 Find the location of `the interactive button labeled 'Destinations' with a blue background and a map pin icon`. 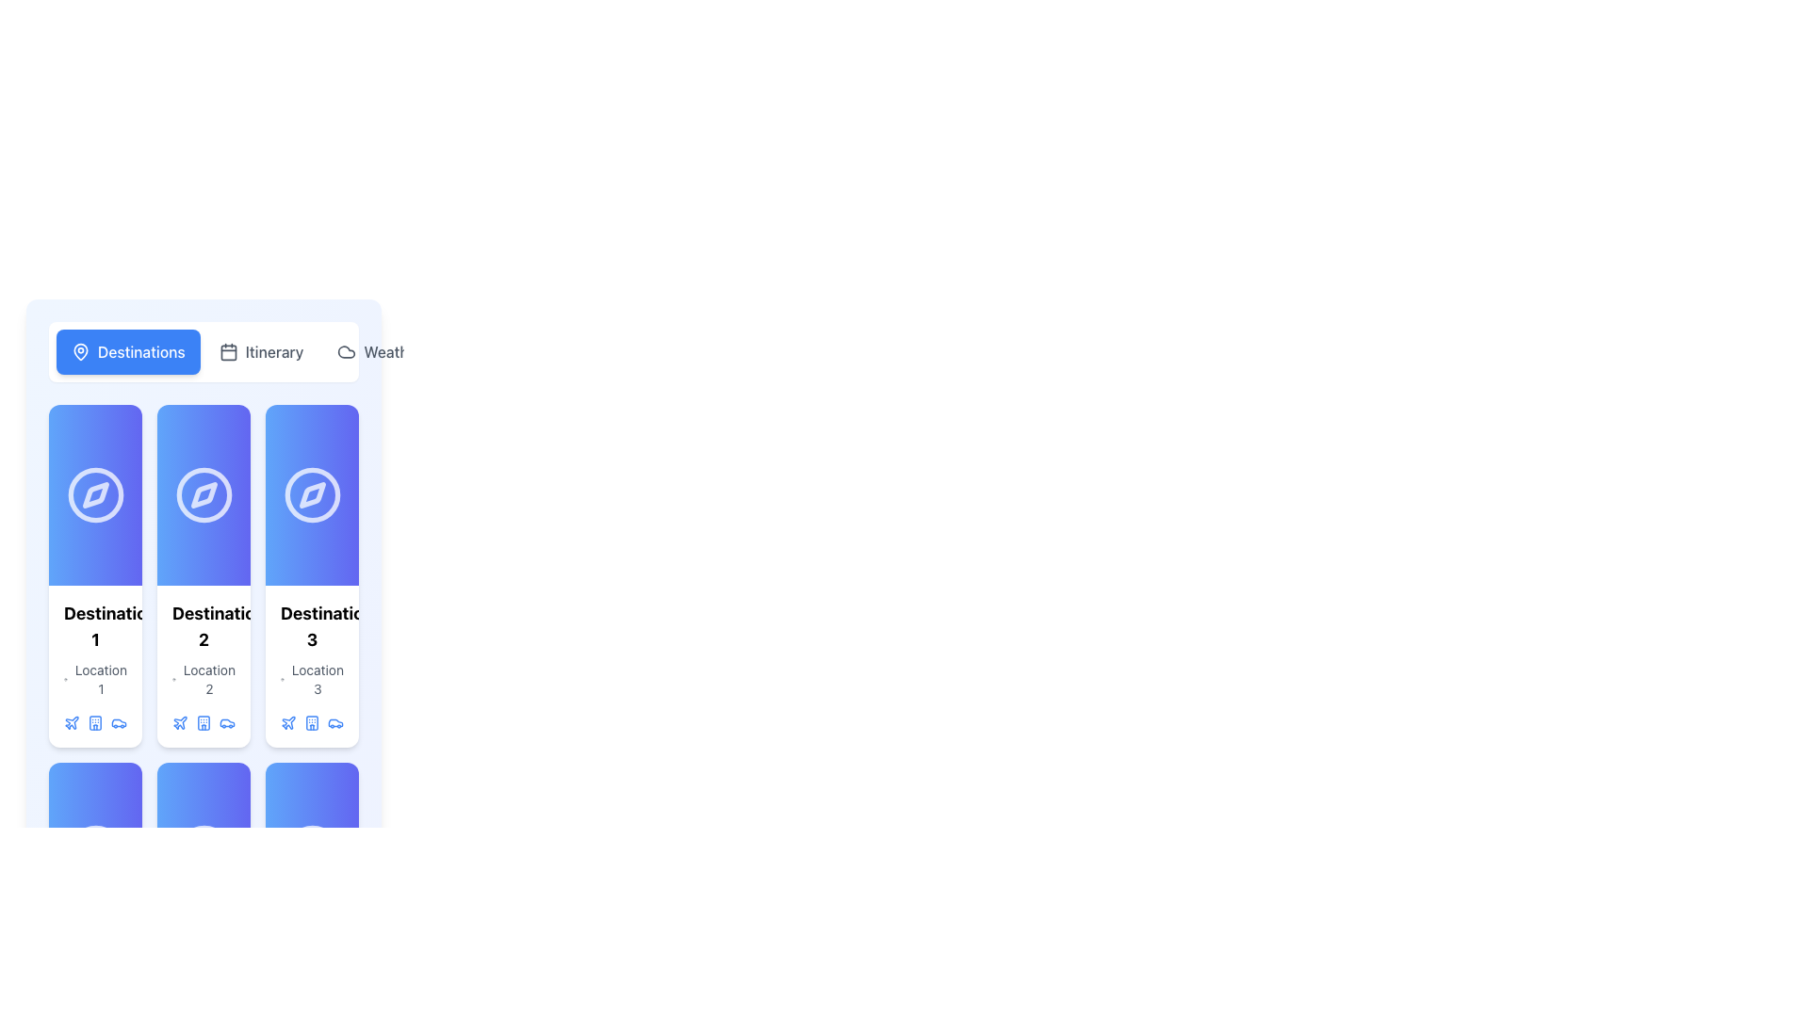

the interactive button labeled 'Destinations' with a blue background and a map pin icon is located at coordinates (127, 352).